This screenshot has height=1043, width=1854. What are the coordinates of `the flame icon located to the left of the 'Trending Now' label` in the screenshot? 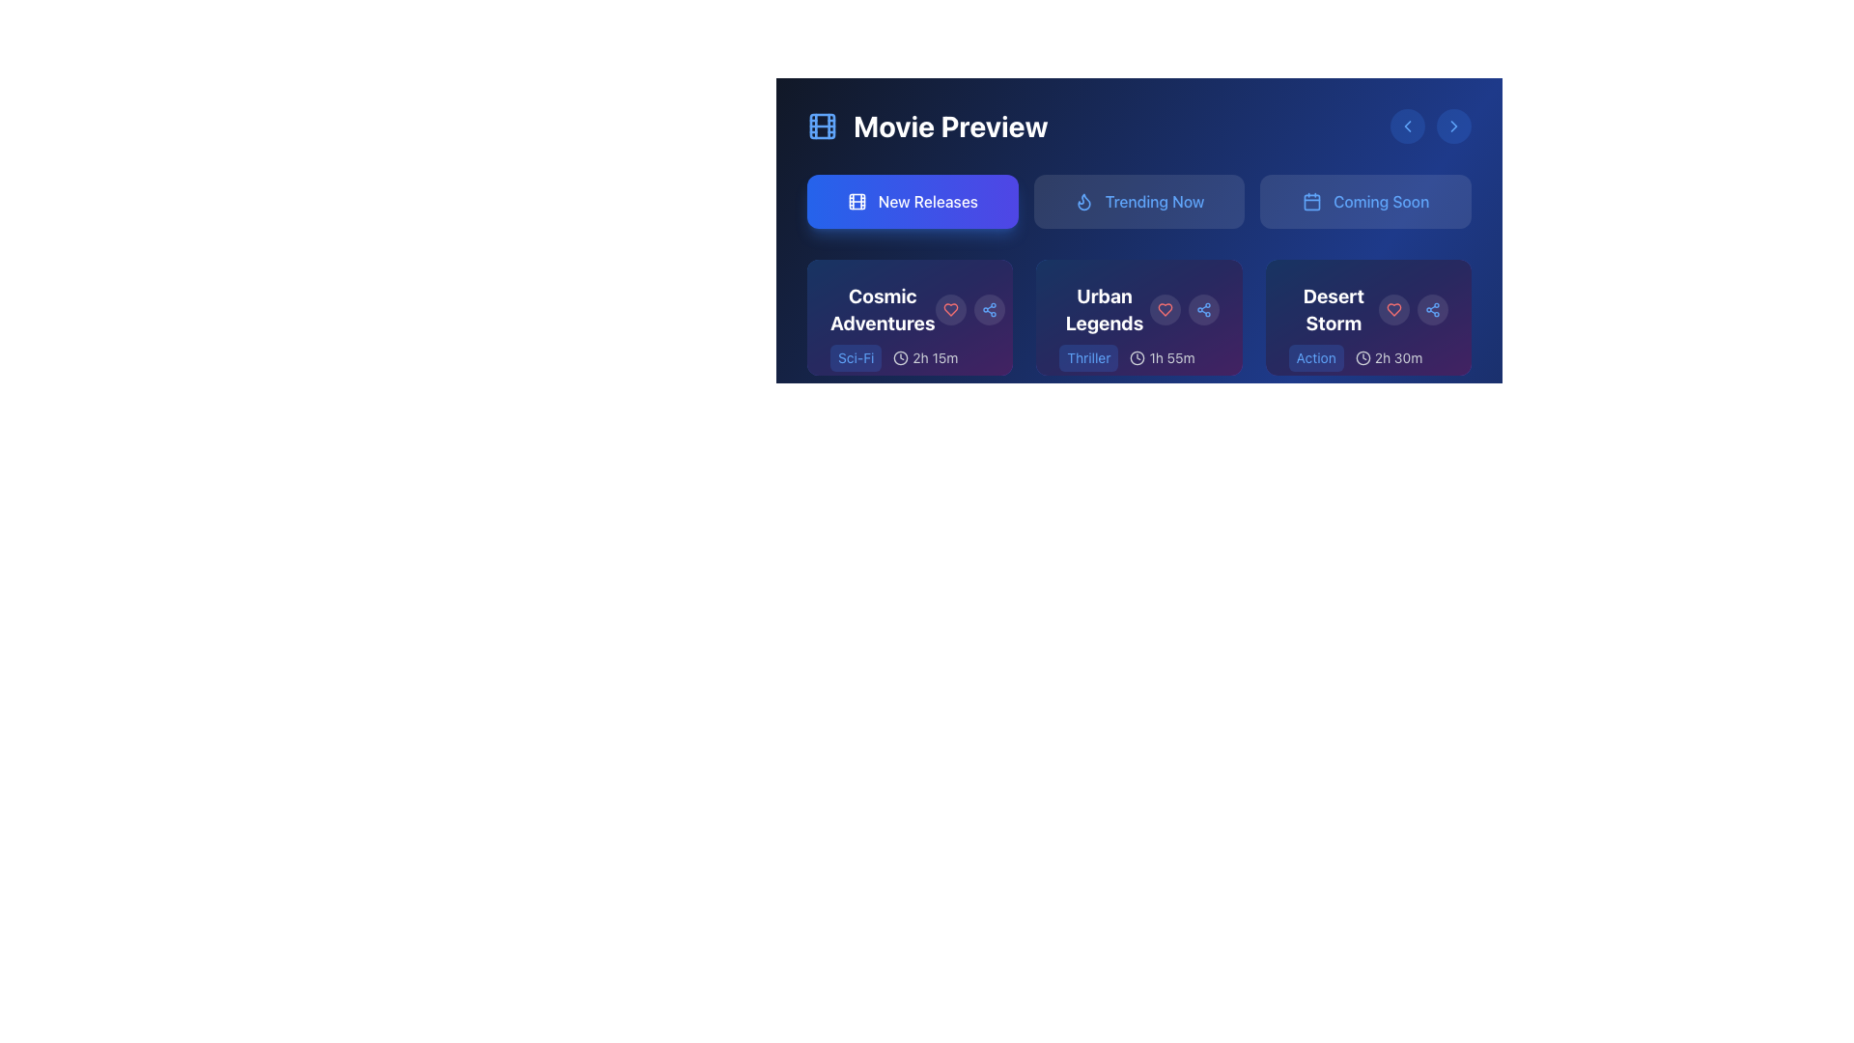 It's located at (1083, 201).